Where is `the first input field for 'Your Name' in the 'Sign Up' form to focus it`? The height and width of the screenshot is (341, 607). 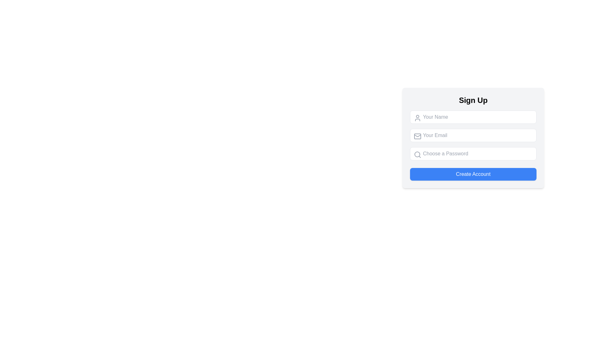
the first input field for 'Your Name' in the 'Sign Up' form to focus it is located at coordinates (473, 117).